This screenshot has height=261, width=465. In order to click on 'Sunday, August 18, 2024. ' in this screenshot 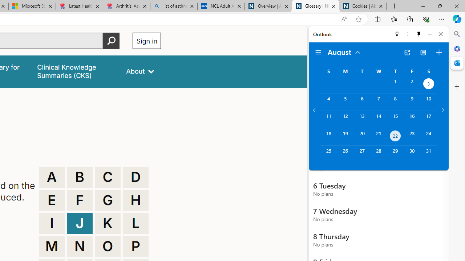, I will do `click(328, 137)`.